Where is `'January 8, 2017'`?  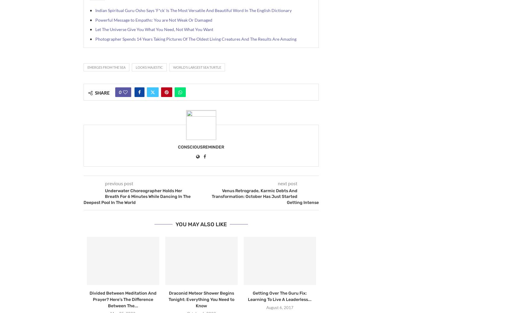 'January 8, 2017' is located at coordinates (30, 307).